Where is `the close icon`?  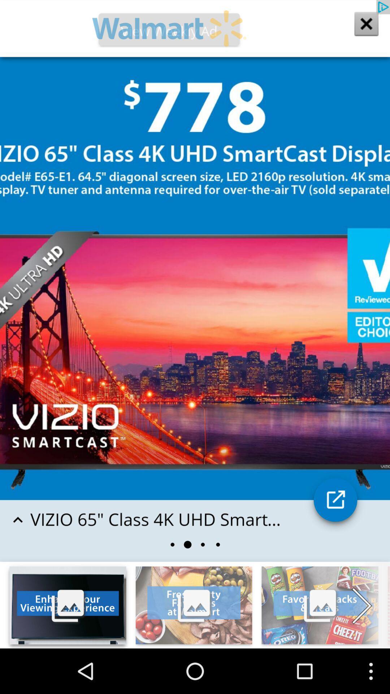
the close icon is located at coordinates (366, 25).